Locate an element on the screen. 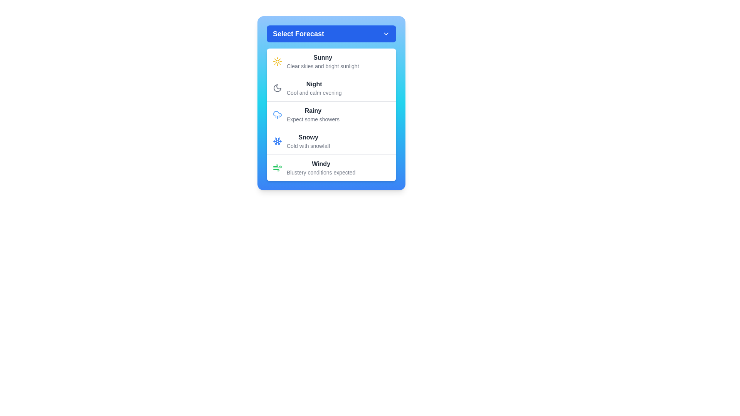  the small, cloud-shaped icon with rain droplets beneath it, which represents the 'Rainy' weather option in the weather selection menu, for related interactions is located at coordinates (277, 114).